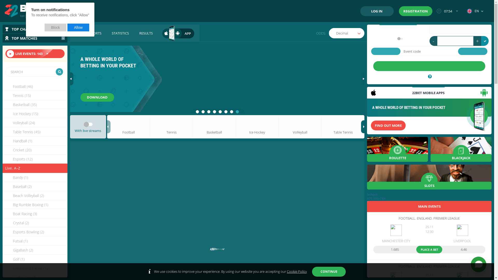 The image size is (498, 280). What do you see at coordinates (2, 113) in the screenshot?
I see `'Ice Hockey` at bounding box center [2, 113].